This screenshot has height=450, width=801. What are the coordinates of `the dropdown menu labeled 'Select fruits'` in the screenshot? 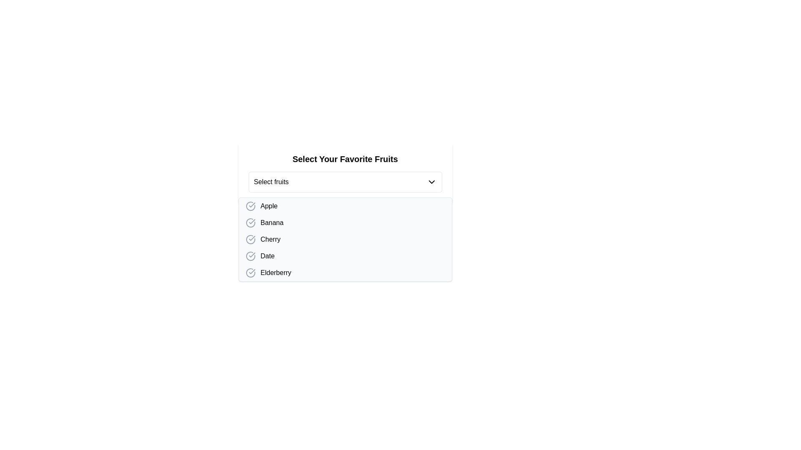 It's located at (345, 181).